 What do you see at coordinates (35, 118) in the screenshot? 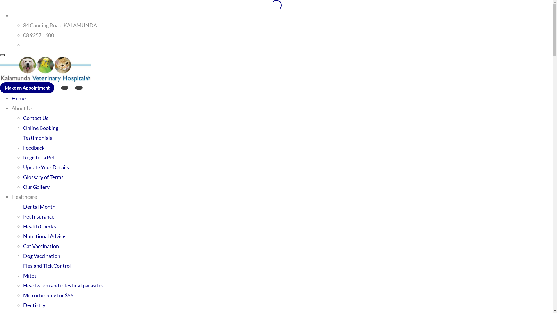
I see `'Contact Us'` at bounding box center [35, 118].